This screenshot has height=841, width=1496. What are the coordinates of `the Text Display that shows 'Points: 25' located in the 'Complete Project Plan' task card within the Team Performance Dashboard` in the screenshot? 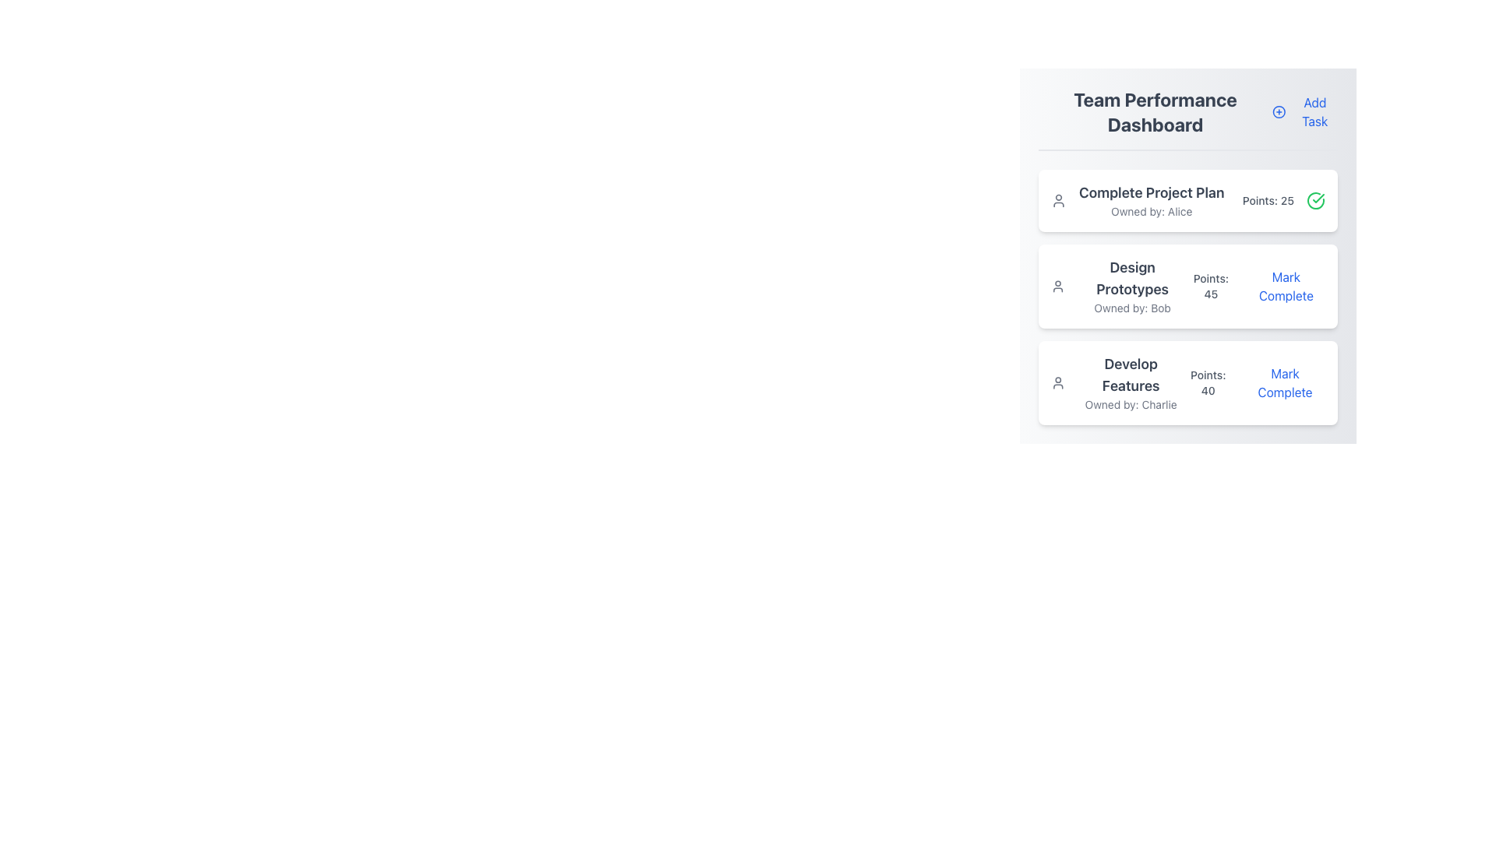 It's located at (1268, 200).